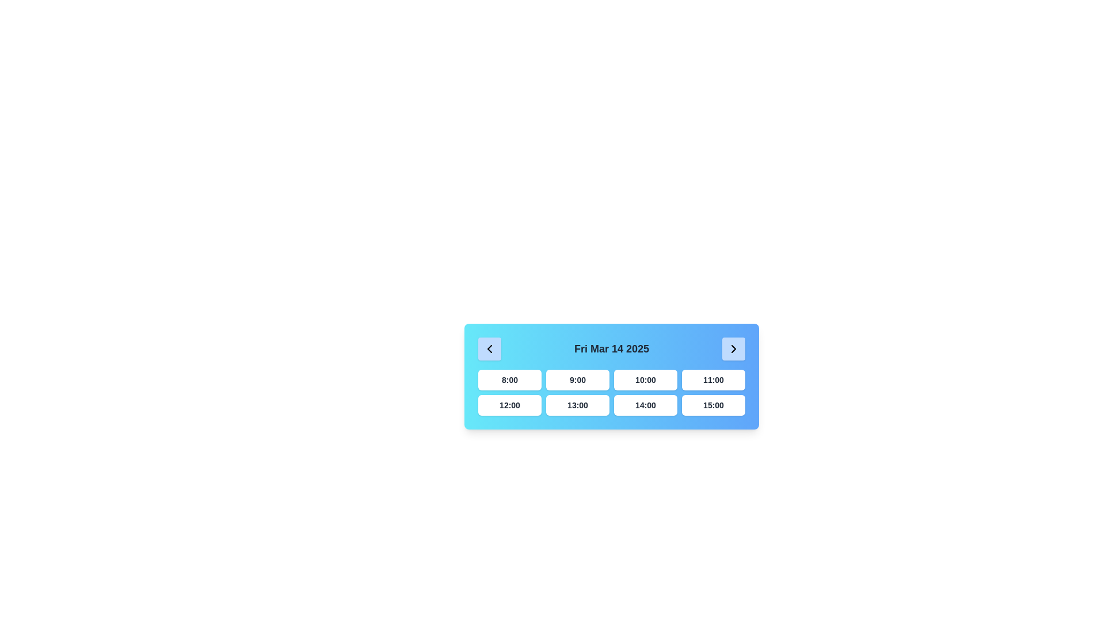 The image size is (1105, 621). I want to click on the right-pointing chevron arrow icon within the light blue rectangular button, so click(733, 348).